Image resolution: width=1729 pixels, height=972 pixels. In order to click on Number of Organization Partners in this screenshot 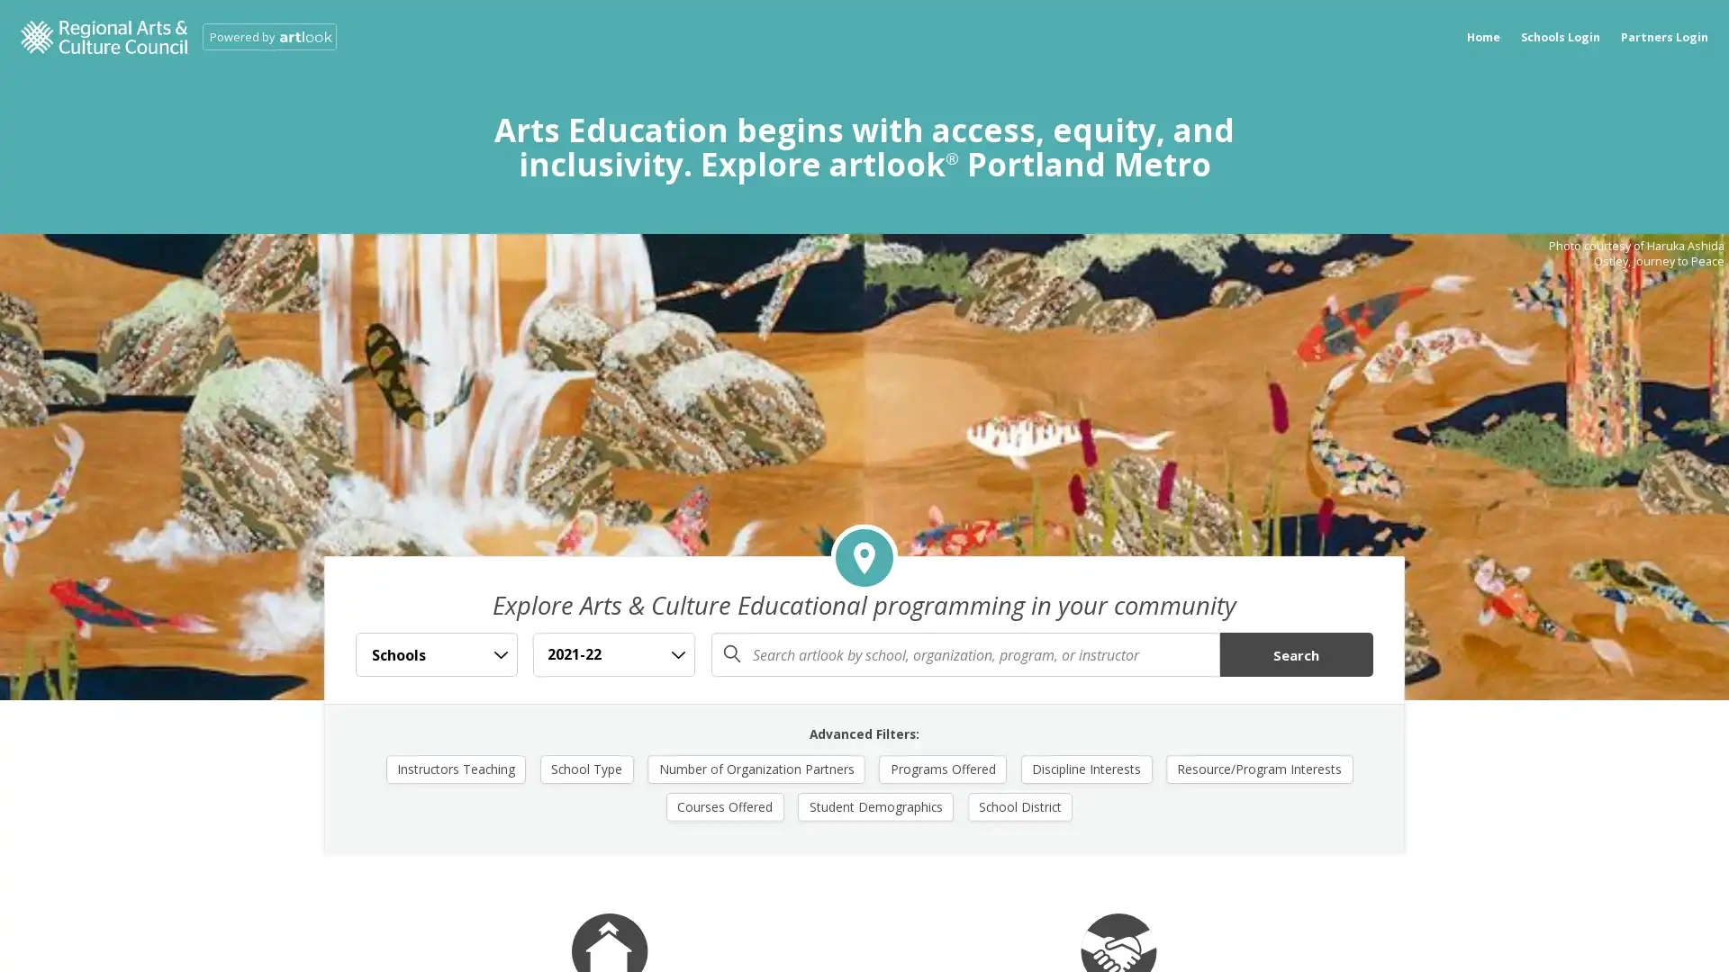, I will do `click(756, 768)`.